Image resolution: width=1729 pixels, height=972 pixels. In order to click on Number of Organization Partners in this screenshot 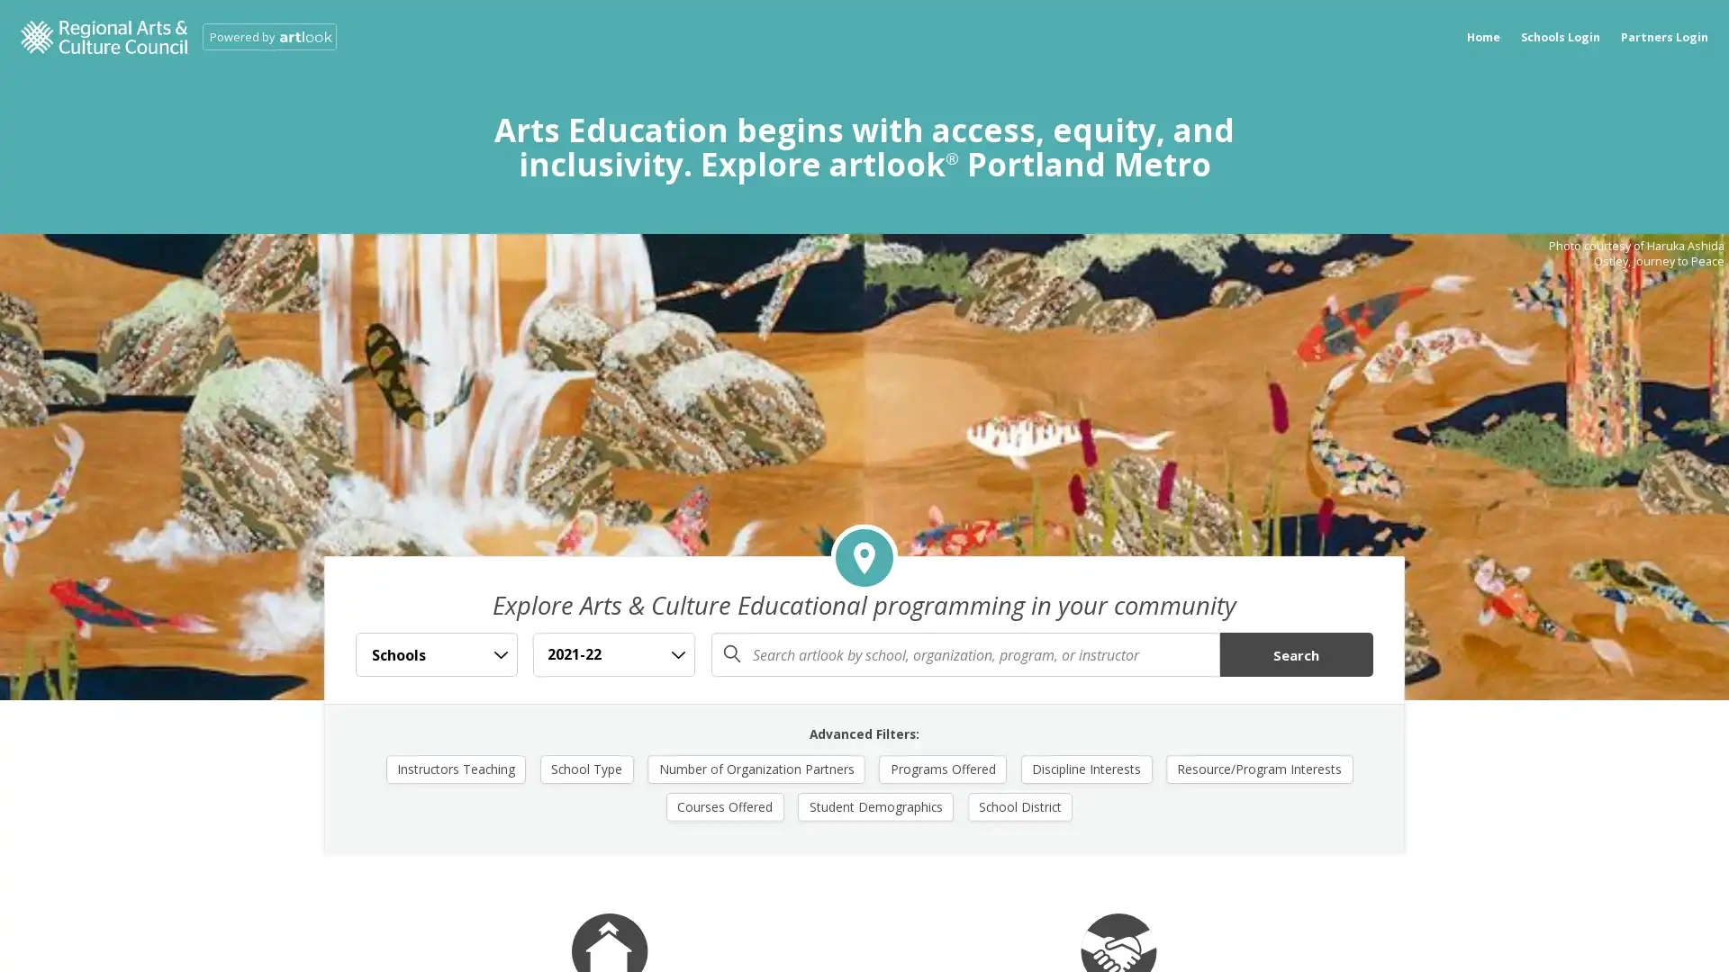, I will do `click(756, 768)`.